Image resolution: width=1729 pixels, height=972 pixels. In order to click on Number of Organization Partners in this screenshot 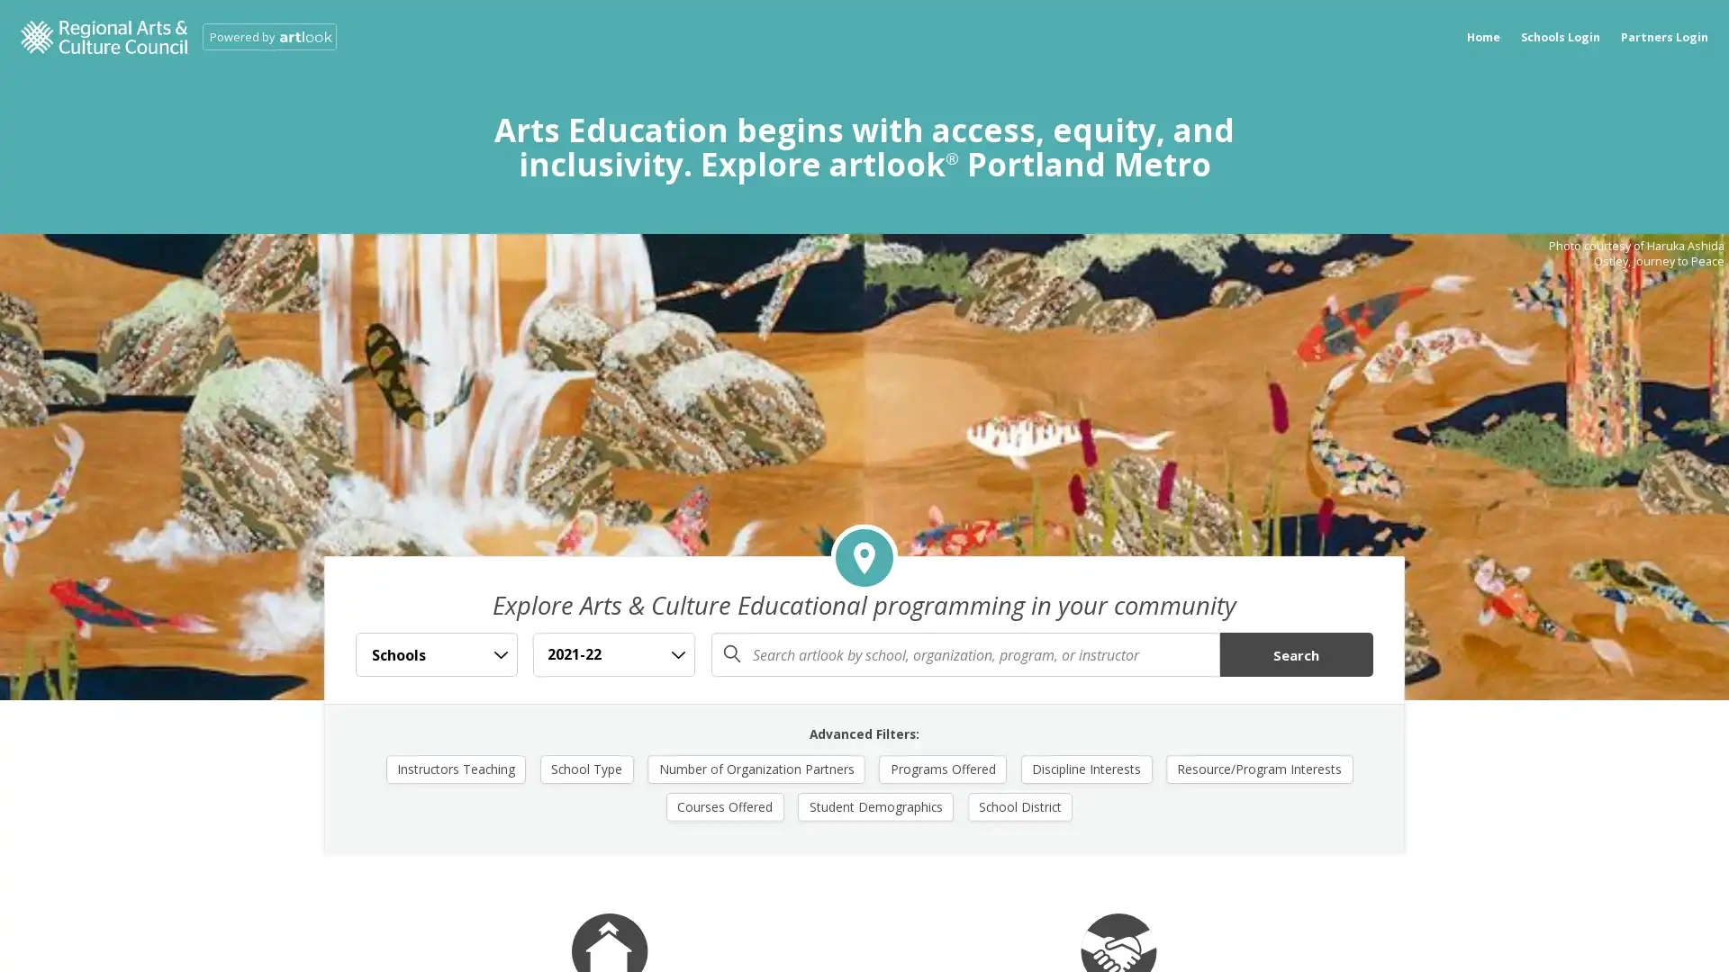, I will do `click(756, 768)`.